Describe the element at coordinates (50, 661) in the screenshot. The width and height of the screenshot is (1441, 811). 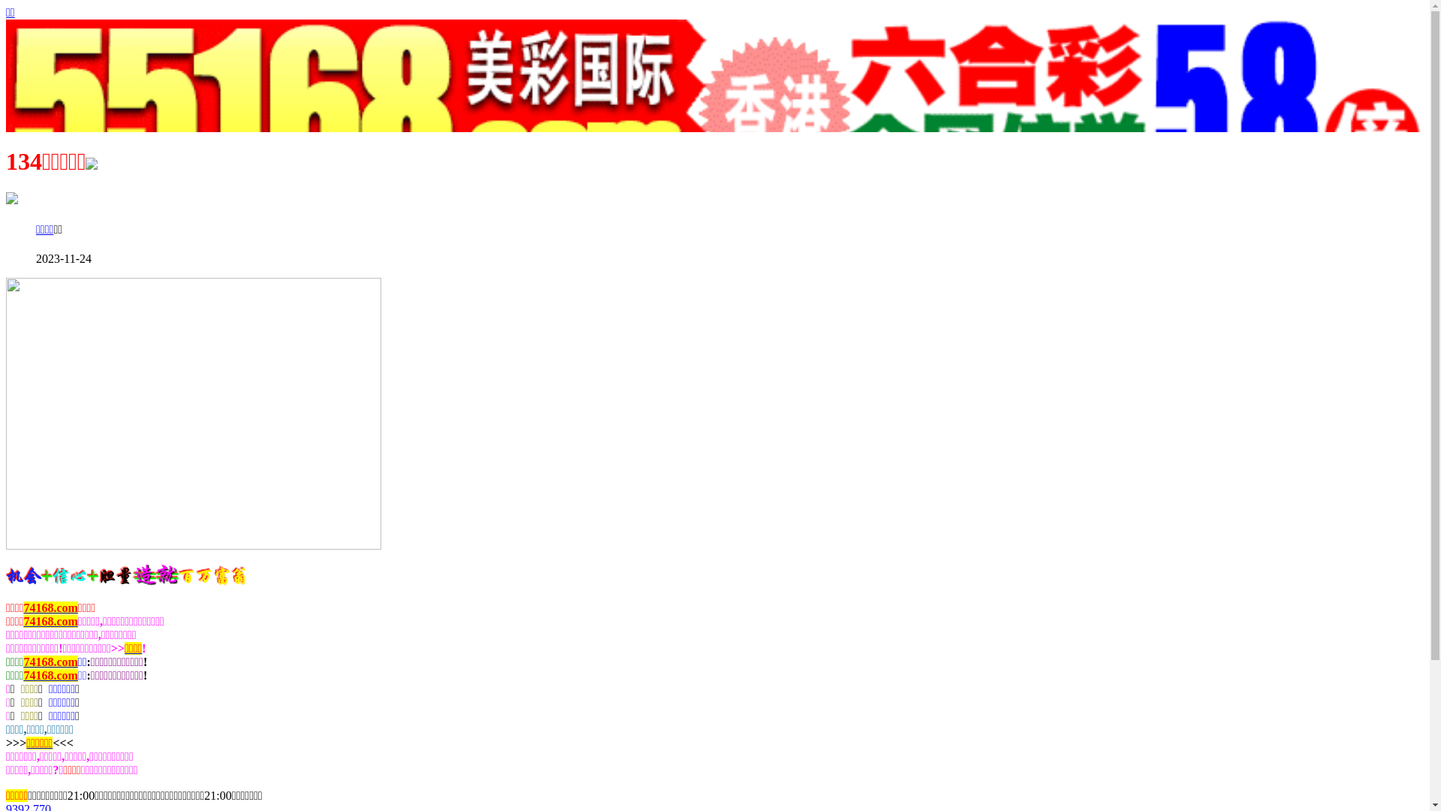
I see `'74168.com'` at that location.